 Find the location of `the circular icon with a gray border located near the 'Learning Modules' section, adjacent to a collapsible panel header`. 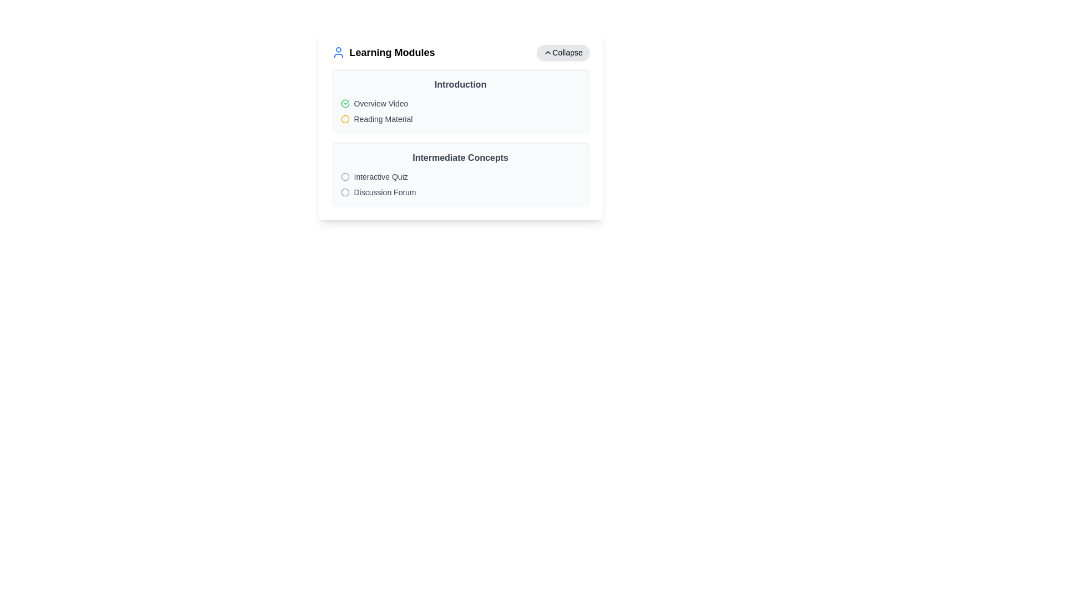

the circular icon with a gray border located near the 'Learning Modules' section, adjacent to a collapsible panel header is located at coordinates (344, 176).